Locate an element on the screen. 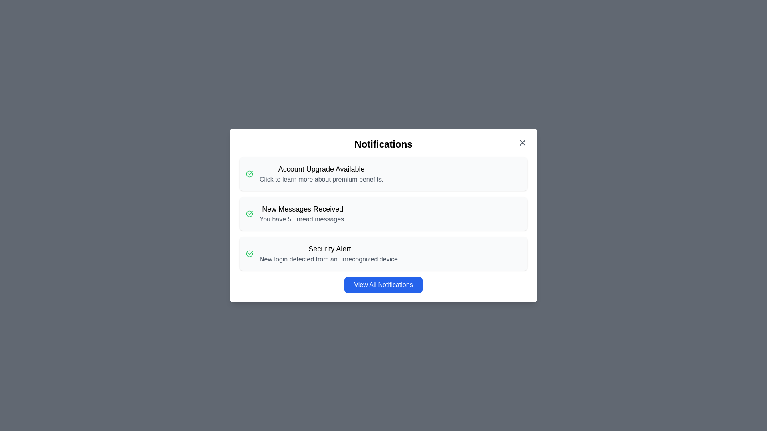 This screenshot has height=431, width=767. the notifications navigation button located at the bottom of the notification panel is located at coordinates (383, 281).